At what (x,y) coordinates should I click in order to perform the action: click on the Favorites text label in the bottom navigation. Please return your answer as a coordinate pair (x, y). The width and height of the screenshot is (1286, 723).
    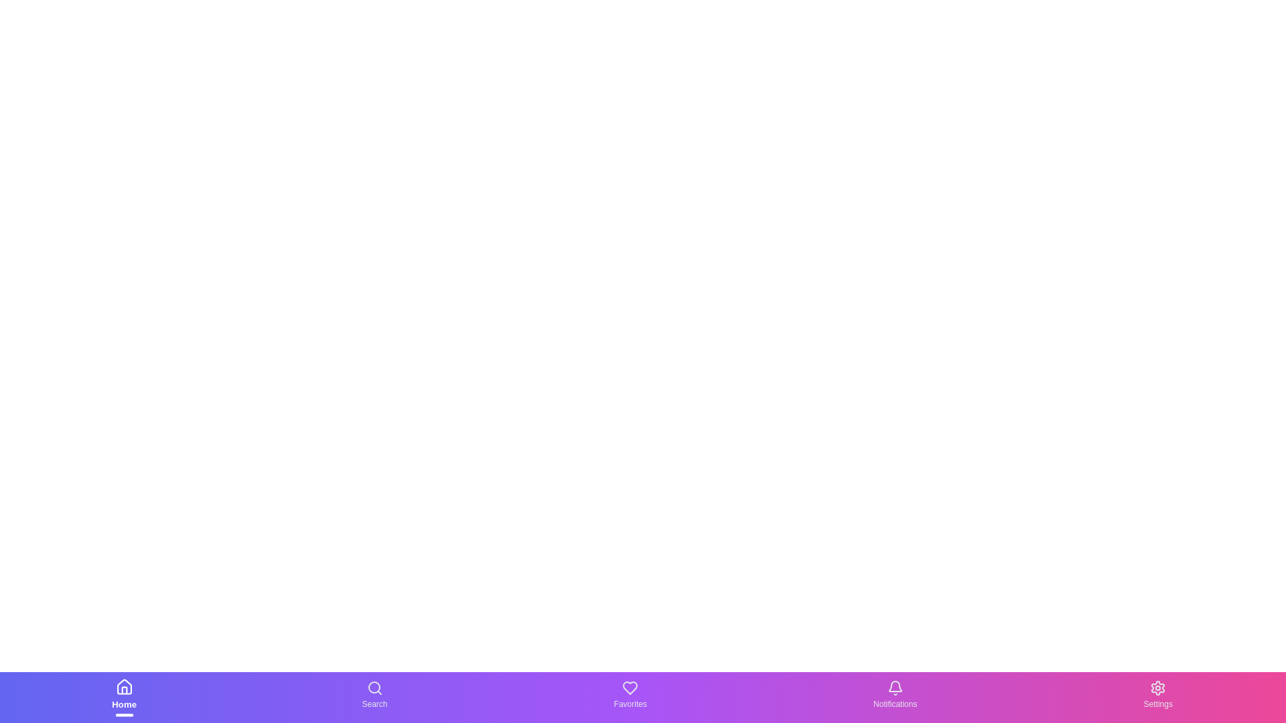
    Looking at the image, I should click on (630, 696).